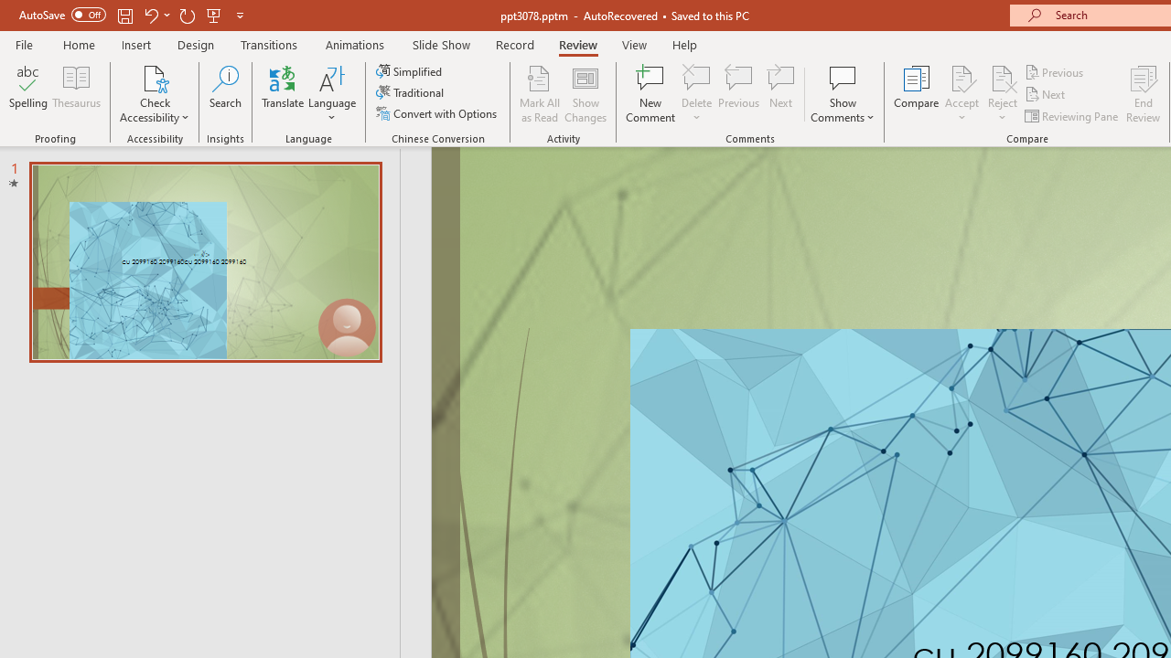 This screenshot has width=1171, height=658. Describe the element at coordinates (332, 94) in the screenshot. I see `'Language'` at that location.